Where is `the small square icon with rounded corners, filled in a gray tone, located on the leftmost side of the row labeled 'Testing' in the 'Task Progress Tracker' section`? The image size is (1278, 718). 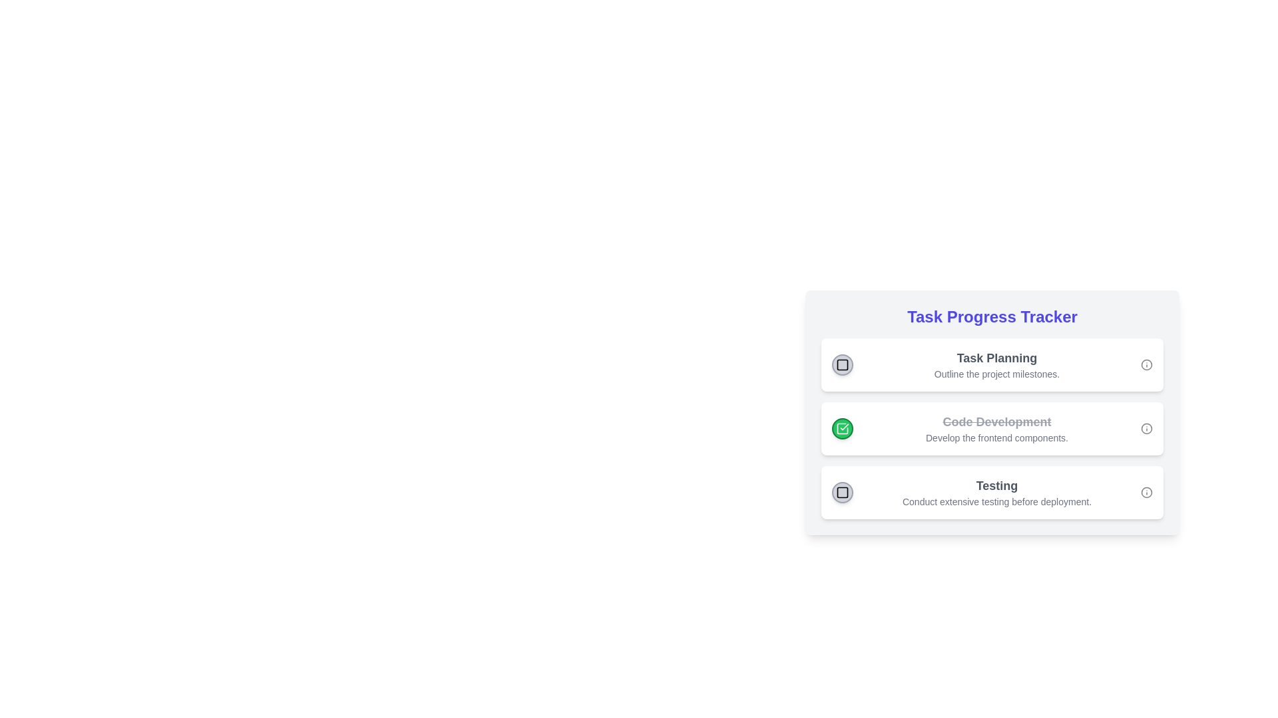 the small square icon with rounded corners, filled in a gray tone, located on the leftmost side of the row labeled 'Testing' in the 'Task Progress Tracker' section is located at coordinates (842, 492).